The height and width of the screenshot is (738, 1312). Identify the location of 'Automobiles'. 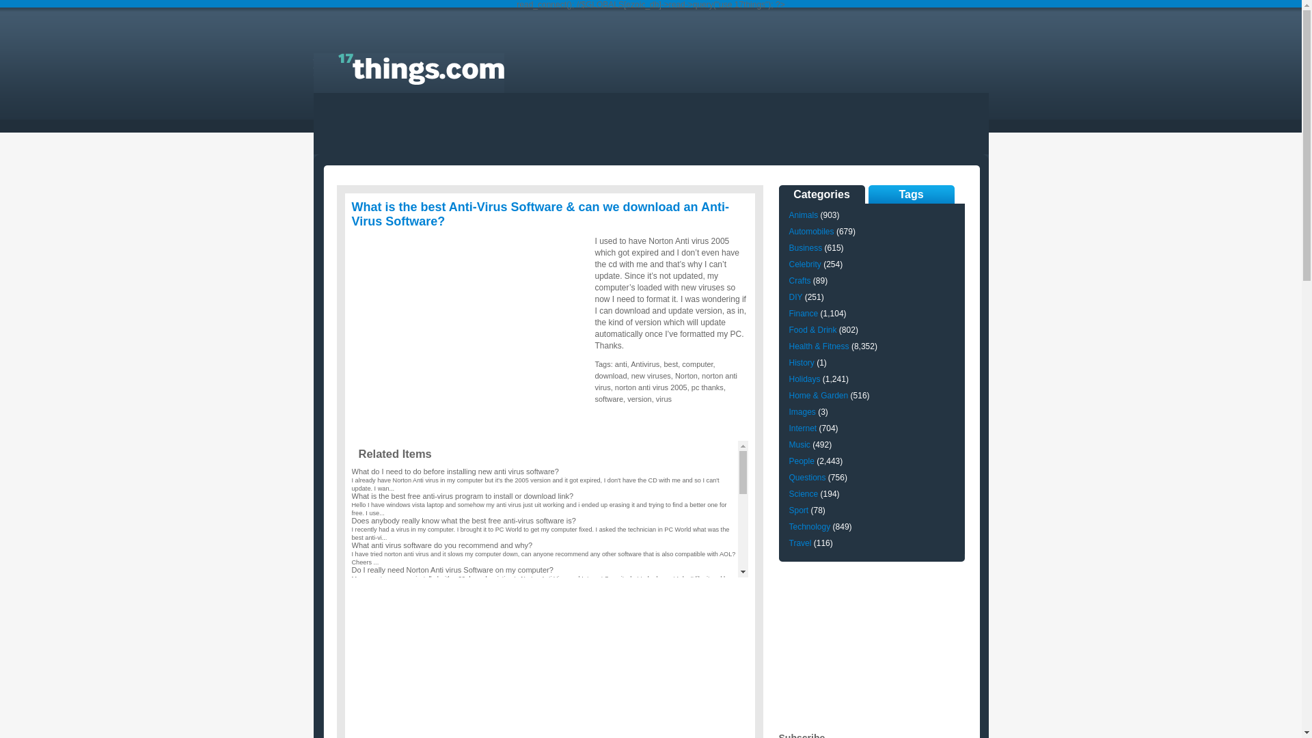
(810, 231).